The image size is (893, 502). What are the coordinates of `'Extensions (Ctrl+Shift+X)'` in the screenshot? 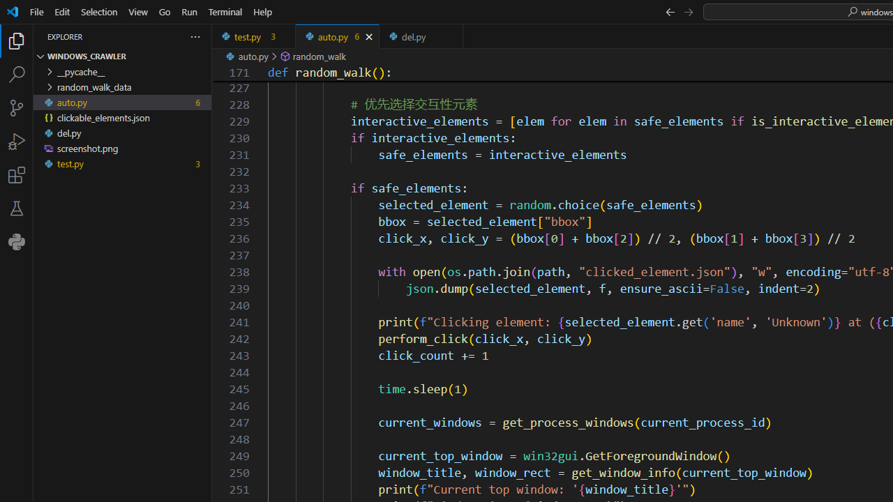 It's located at (17, 174).